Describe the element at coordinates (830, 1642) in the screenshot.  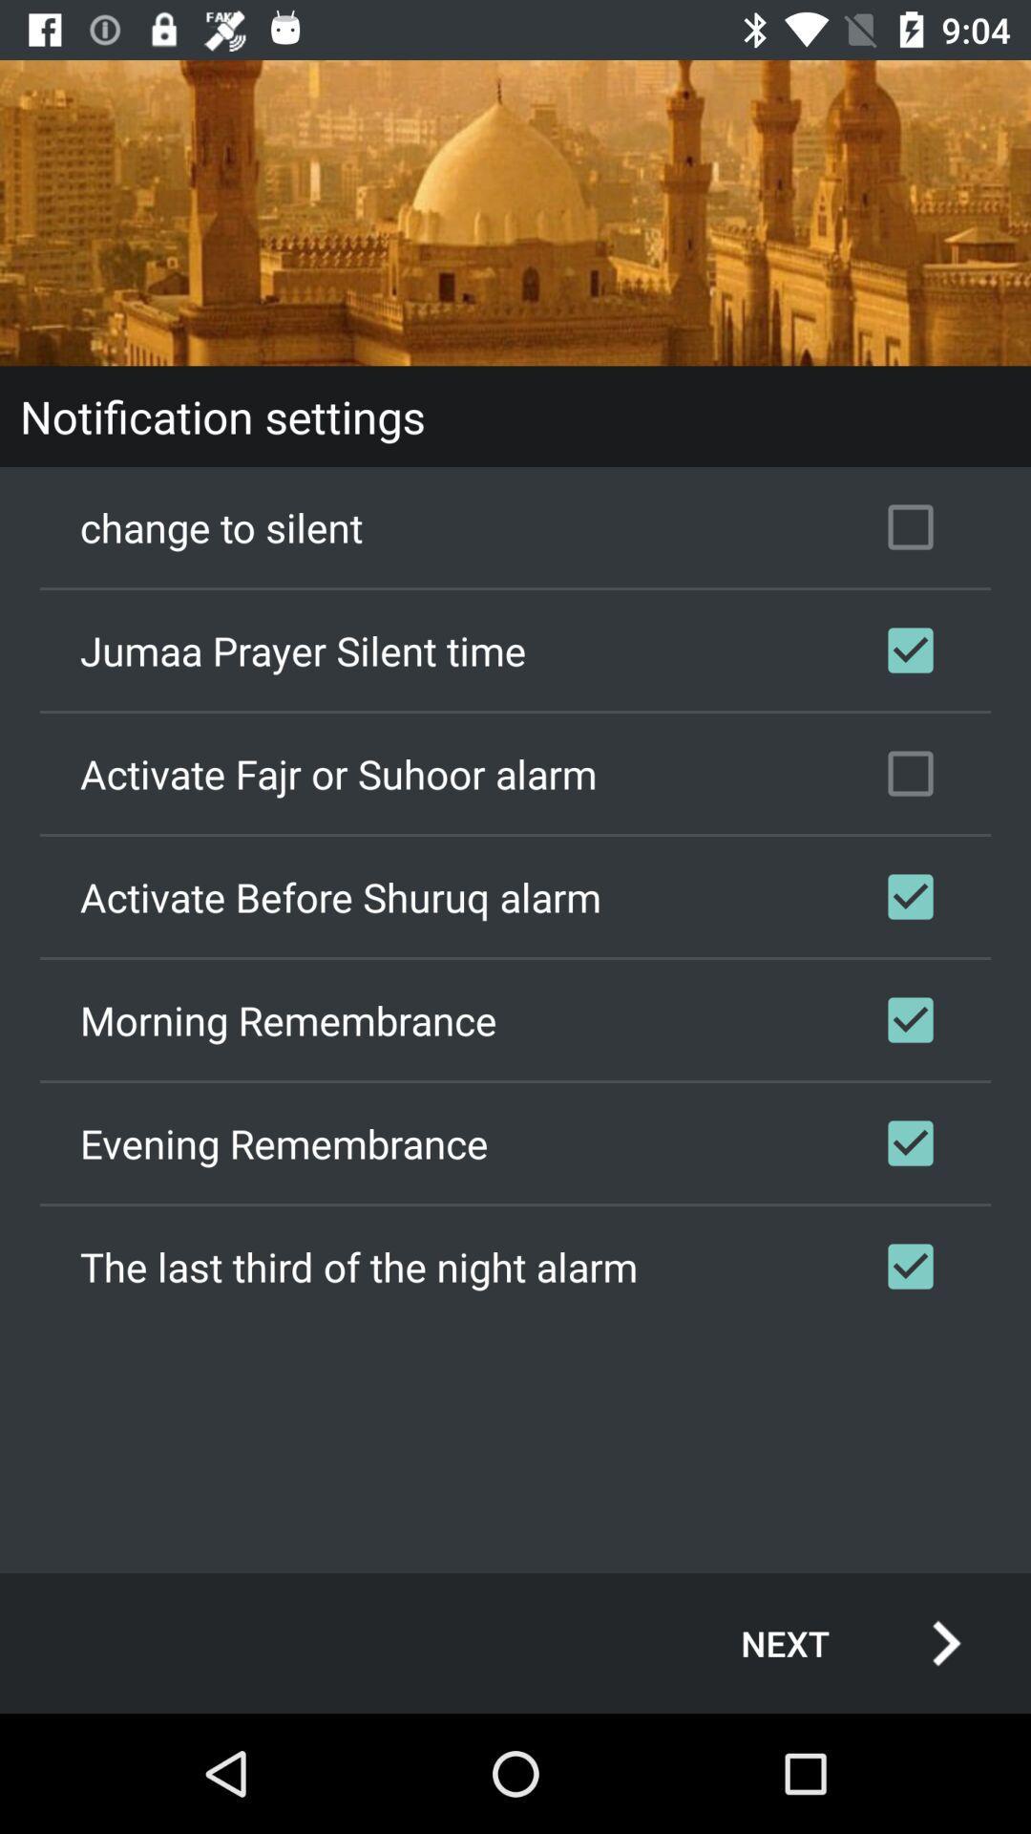
I see `next item` at that location.